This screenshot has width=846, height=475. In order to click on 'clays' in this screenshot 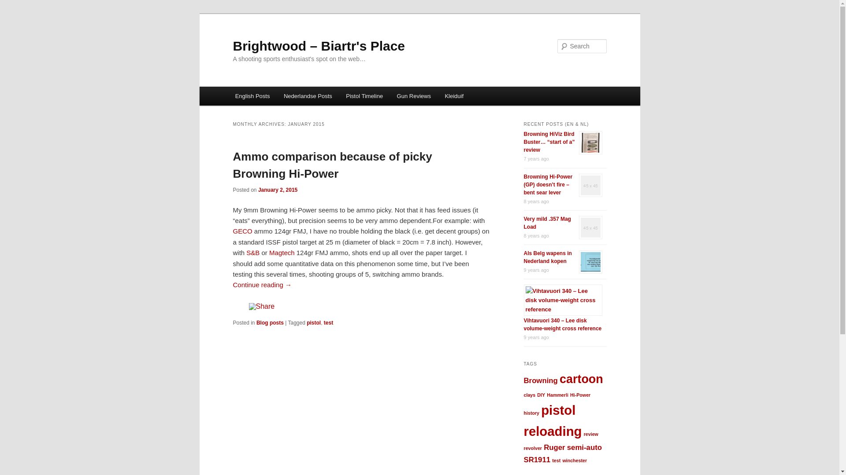, I will do `click(529, 395)`.